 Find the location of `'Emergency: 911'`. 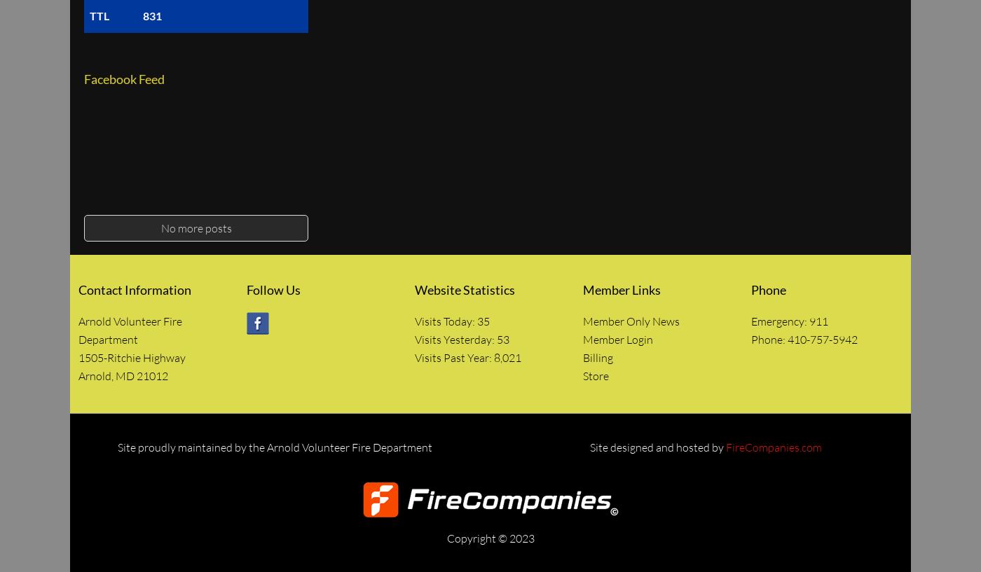

'Emergency: 911' is located at coordinates (750, 321).